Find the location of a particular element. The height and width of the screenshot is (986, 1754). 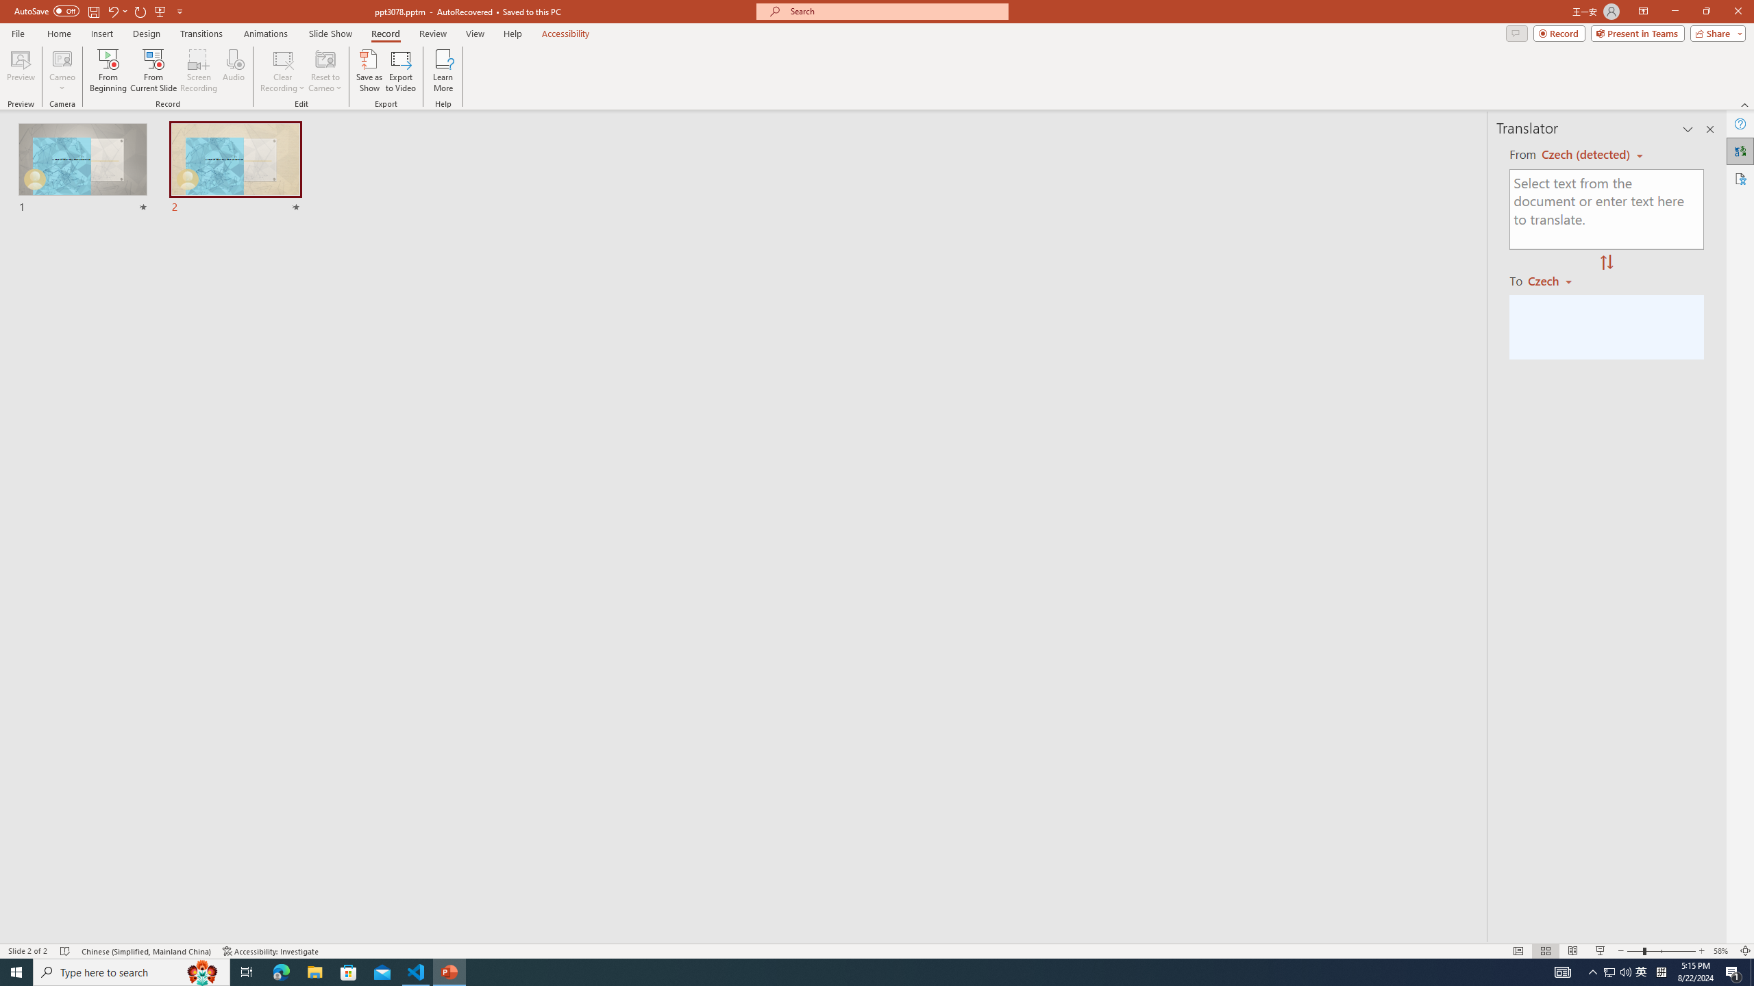

'Czech' is located at coordinates (1555, 280).